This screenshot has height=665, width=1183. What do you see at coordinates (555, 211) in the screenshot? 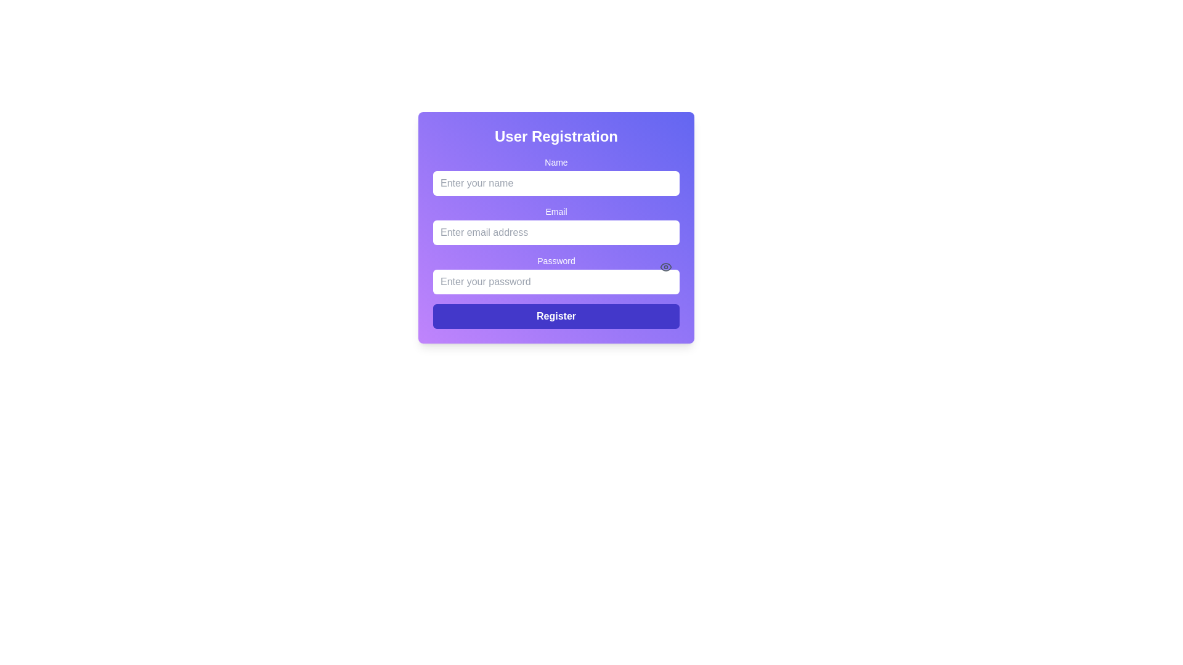
I see `the 'Email' text label styled in white against a gradient purple background, located above the email input field` at bounding box center [555, 211].